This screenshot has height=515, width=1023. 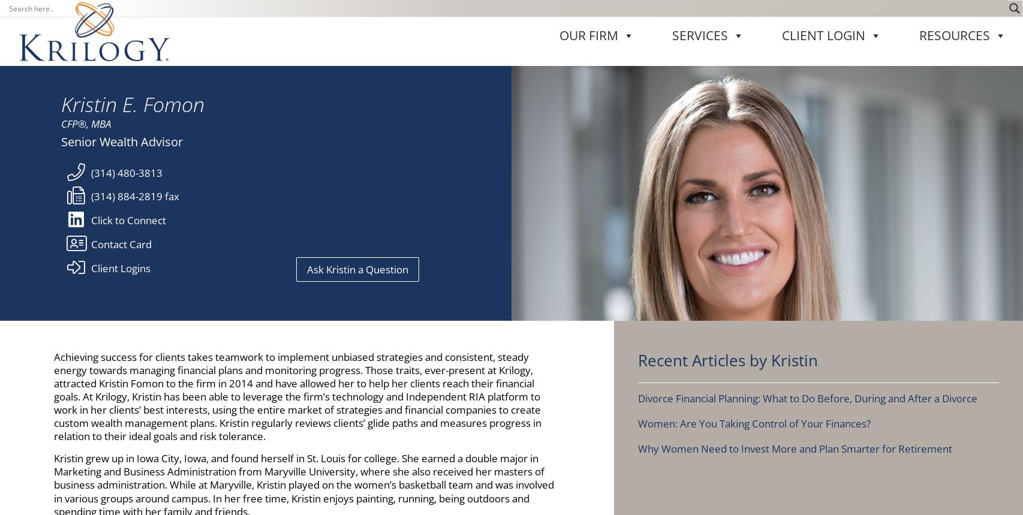 I want to click on 'Women: Are You Taking Control of Your Finances?', so click(x=753, y=106).